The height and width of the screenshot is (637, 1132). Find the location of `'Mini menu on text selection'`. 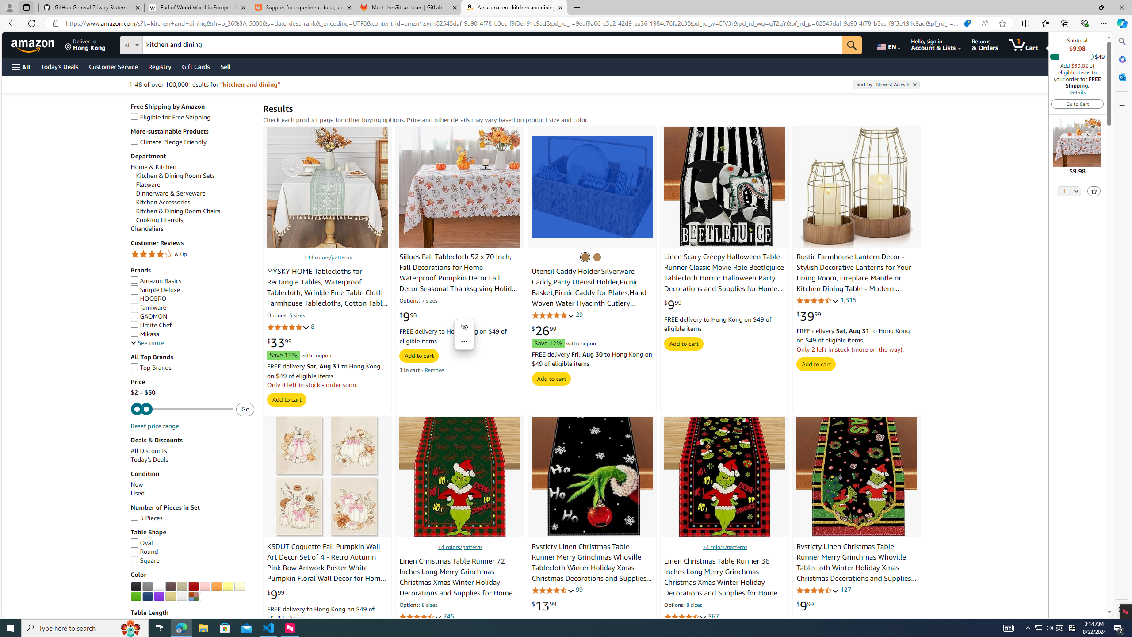

'Mini menu on text selection' is located at coordinates (464, 334).